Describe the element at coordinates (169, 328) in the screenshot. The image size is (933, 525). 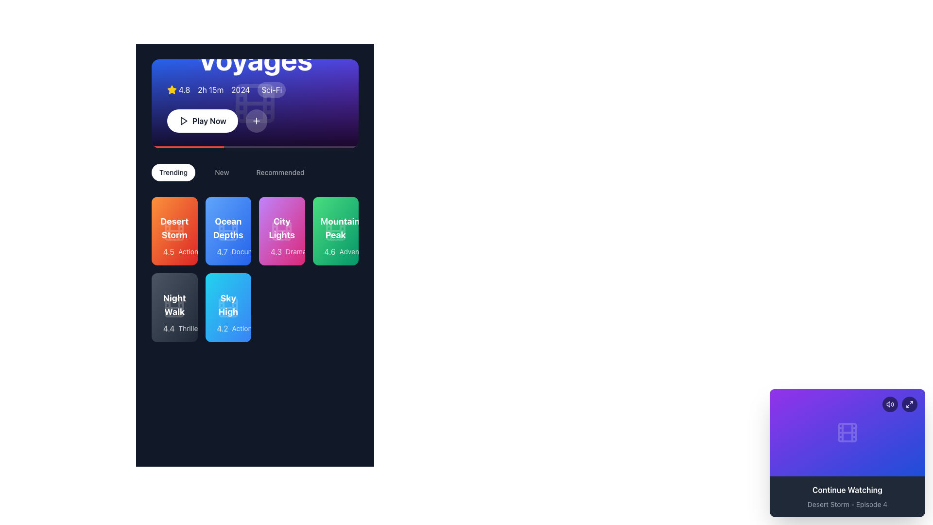
I see `the static text label displaying the rating score for the media item titled 'Night Walk', located in the bottom-left of the second row under 'Trending'` at that location.